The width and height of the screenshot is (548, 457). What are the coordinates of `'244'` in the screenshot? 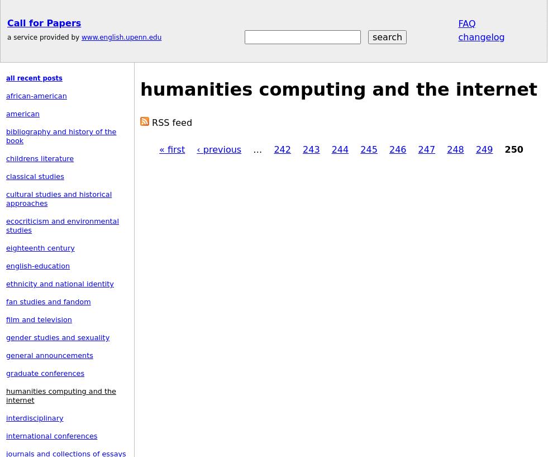 It's located at (340, 149).